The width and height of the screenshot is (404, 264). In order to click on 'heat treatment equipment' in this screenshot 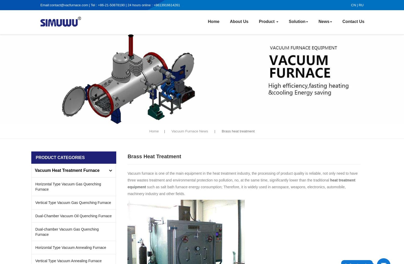, I will do `click(241, 183)`.